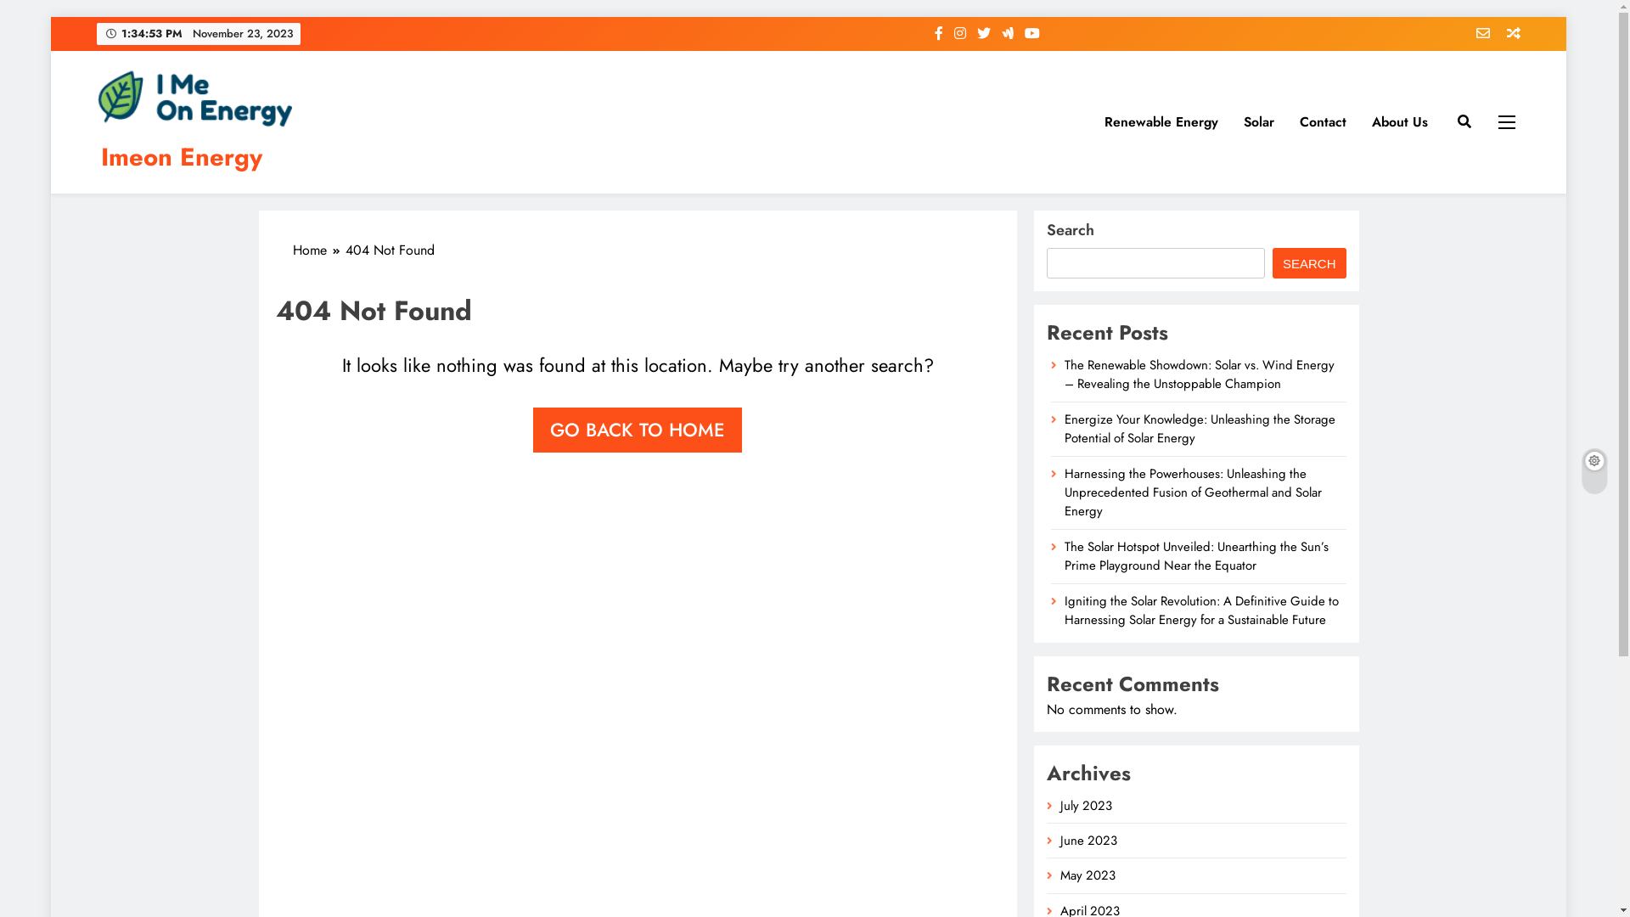  I want to click on 'Contact', so click(1322, 121).